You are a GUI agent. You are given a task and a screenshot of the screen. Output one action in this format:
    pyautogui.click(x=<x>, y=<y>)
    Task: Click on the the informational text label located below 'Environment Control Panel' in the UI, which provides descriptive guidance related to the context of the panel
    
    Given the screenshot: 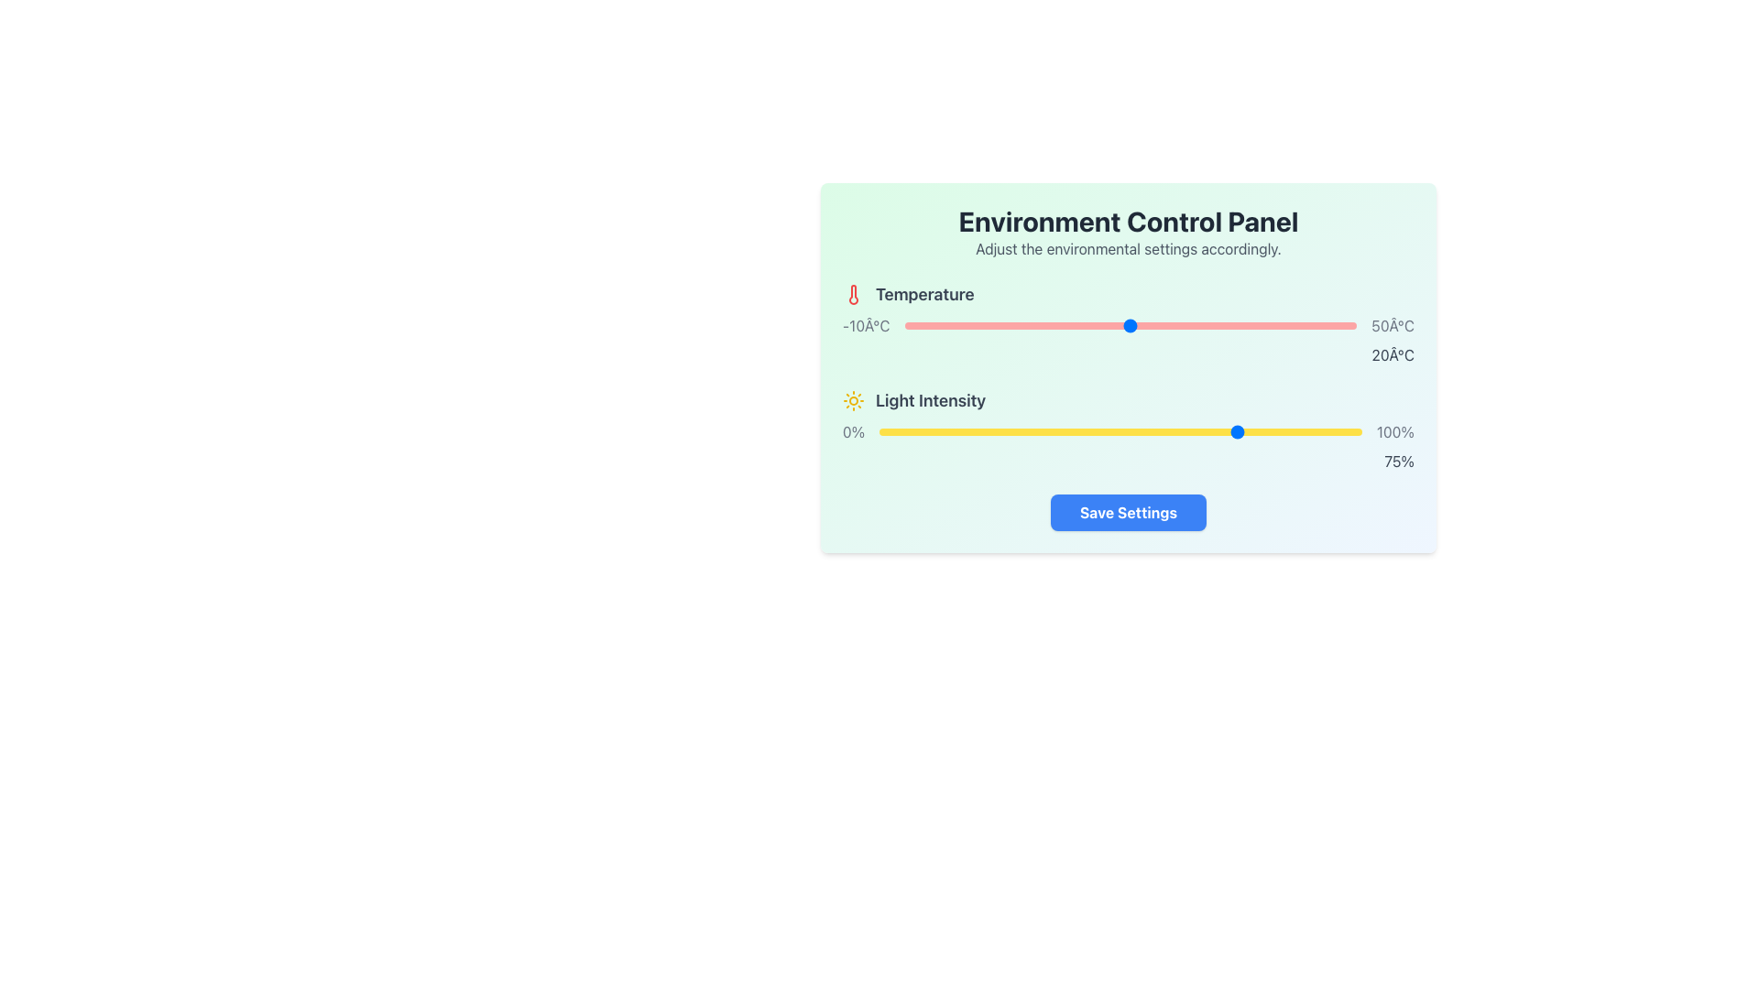 What is the action you would take?
    pyautogui.click(x=1128, y=249)
    